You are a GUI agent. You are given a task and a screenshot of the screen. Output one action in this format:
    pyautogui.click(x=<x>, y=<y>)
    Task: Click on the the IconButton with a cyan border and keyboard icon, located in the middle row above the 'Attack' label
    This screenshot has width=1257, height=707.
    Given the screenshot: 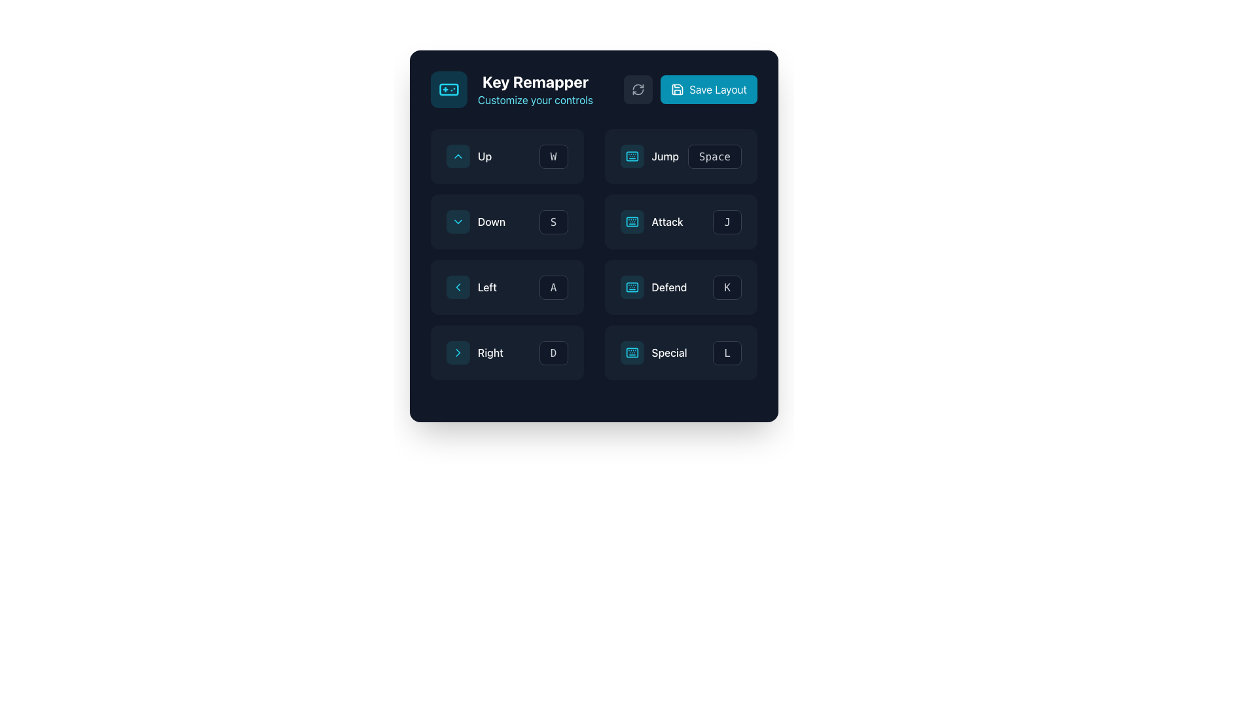 What is the action you would take?
    pyautogui.click(x=632, y=221)
    